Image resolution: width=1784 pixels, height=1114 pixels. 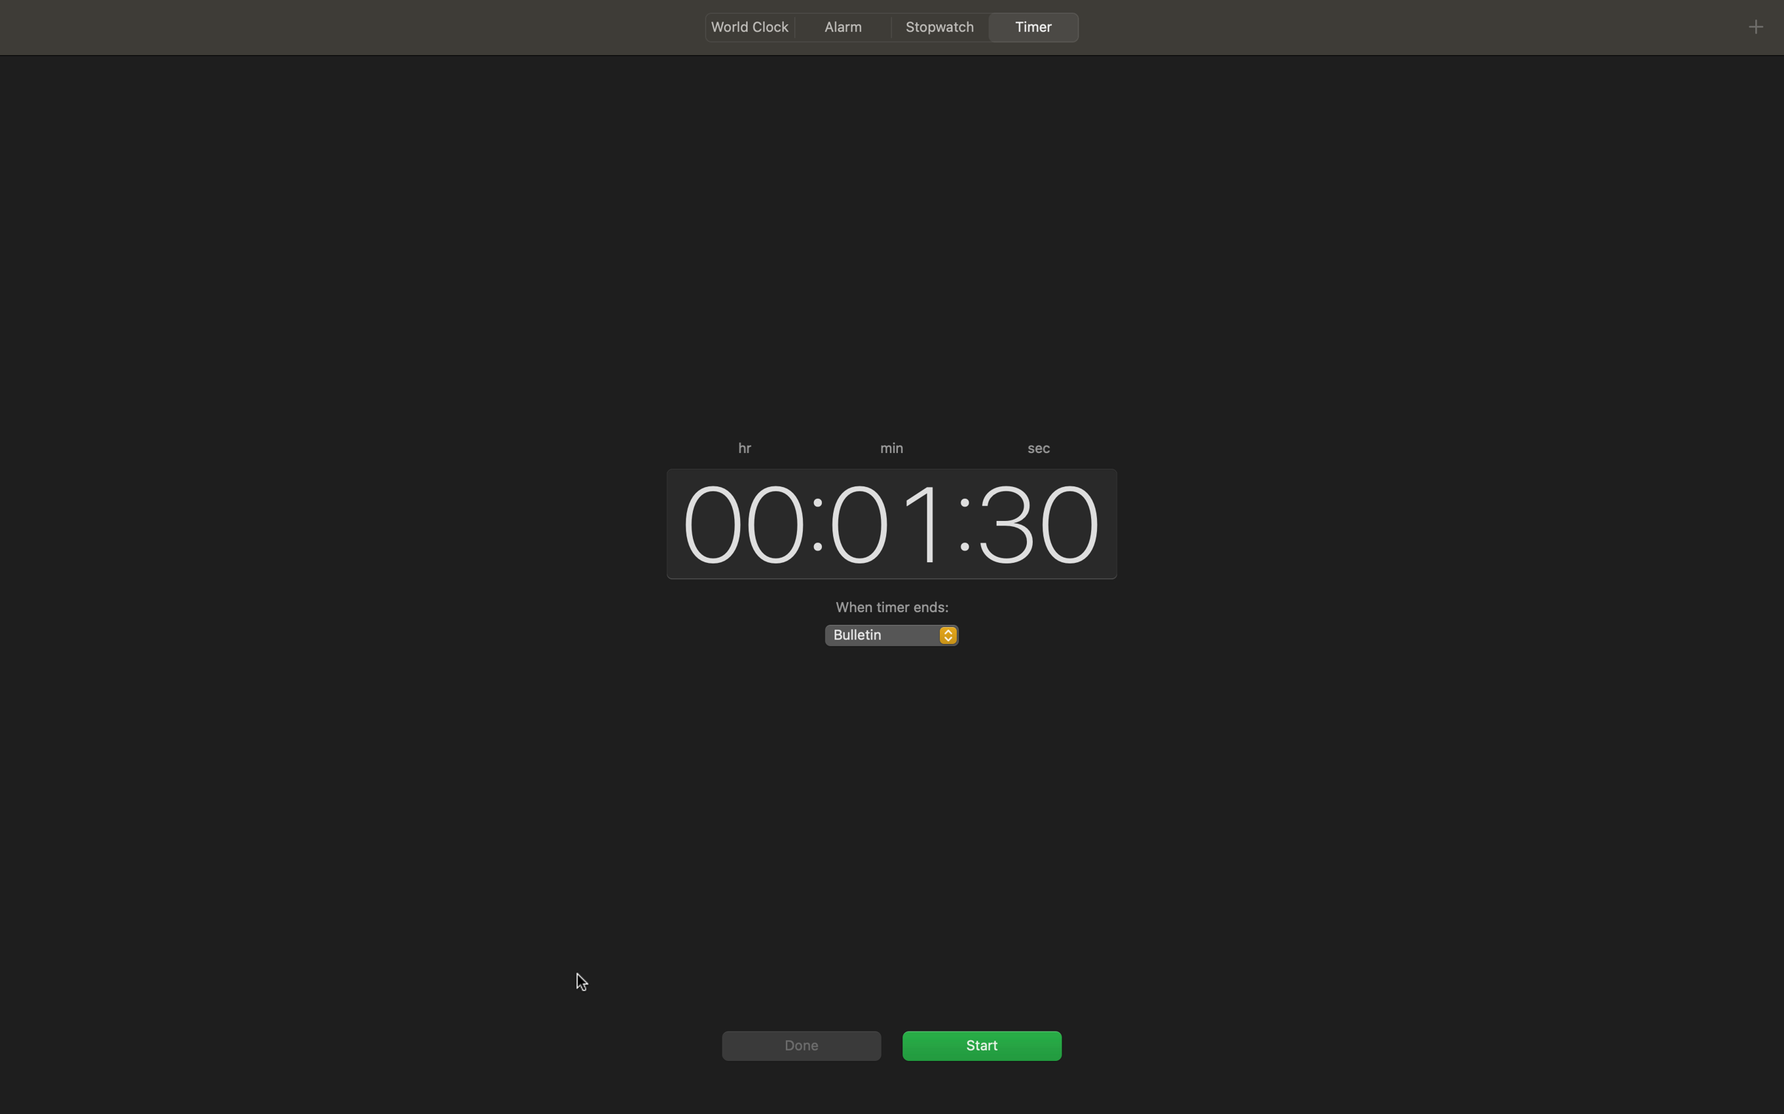 What do you see at coordinates (1040, 519) in the screenshot?
I see `Increase seconds by 10` at bounding box center [1040, 519].